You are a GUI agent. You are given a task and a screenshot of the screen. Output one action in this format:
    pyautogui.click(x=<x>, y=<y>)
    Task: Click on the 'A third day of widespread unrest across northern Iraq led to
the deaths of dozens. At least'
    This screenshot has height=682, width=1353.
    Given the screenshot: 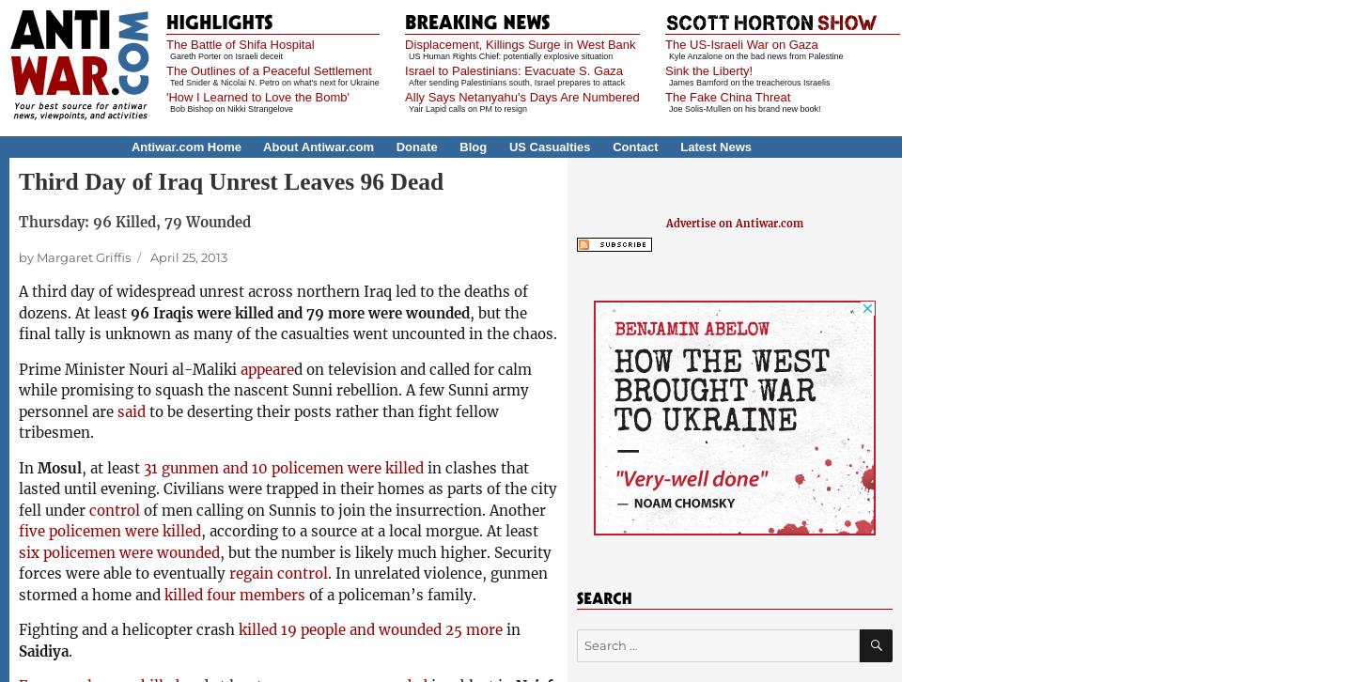 What is the action you would take?
    pyautogui.click(x=272, y=301)
    